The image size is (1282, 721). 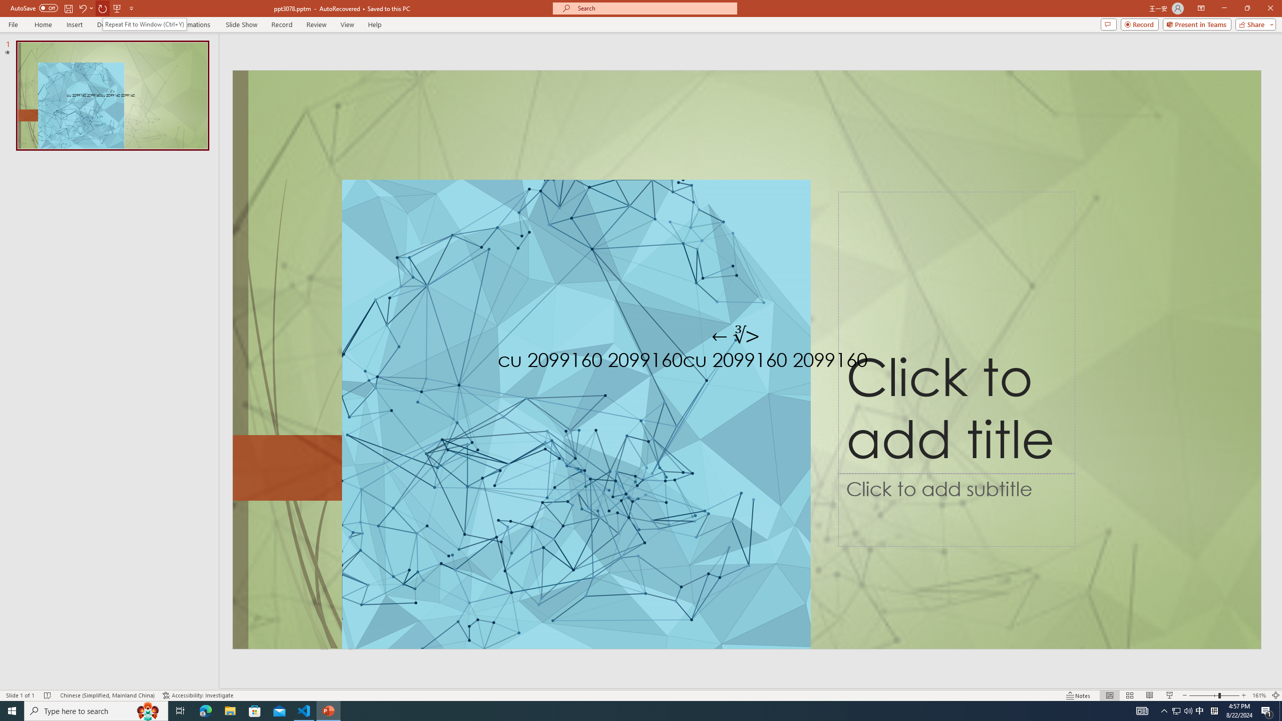 What do you see at coordinates (145, 24) in the screenshot?
I see `'Repeat Fit to Window (Ctrl+Y)'` at bounding box center [145, 24].